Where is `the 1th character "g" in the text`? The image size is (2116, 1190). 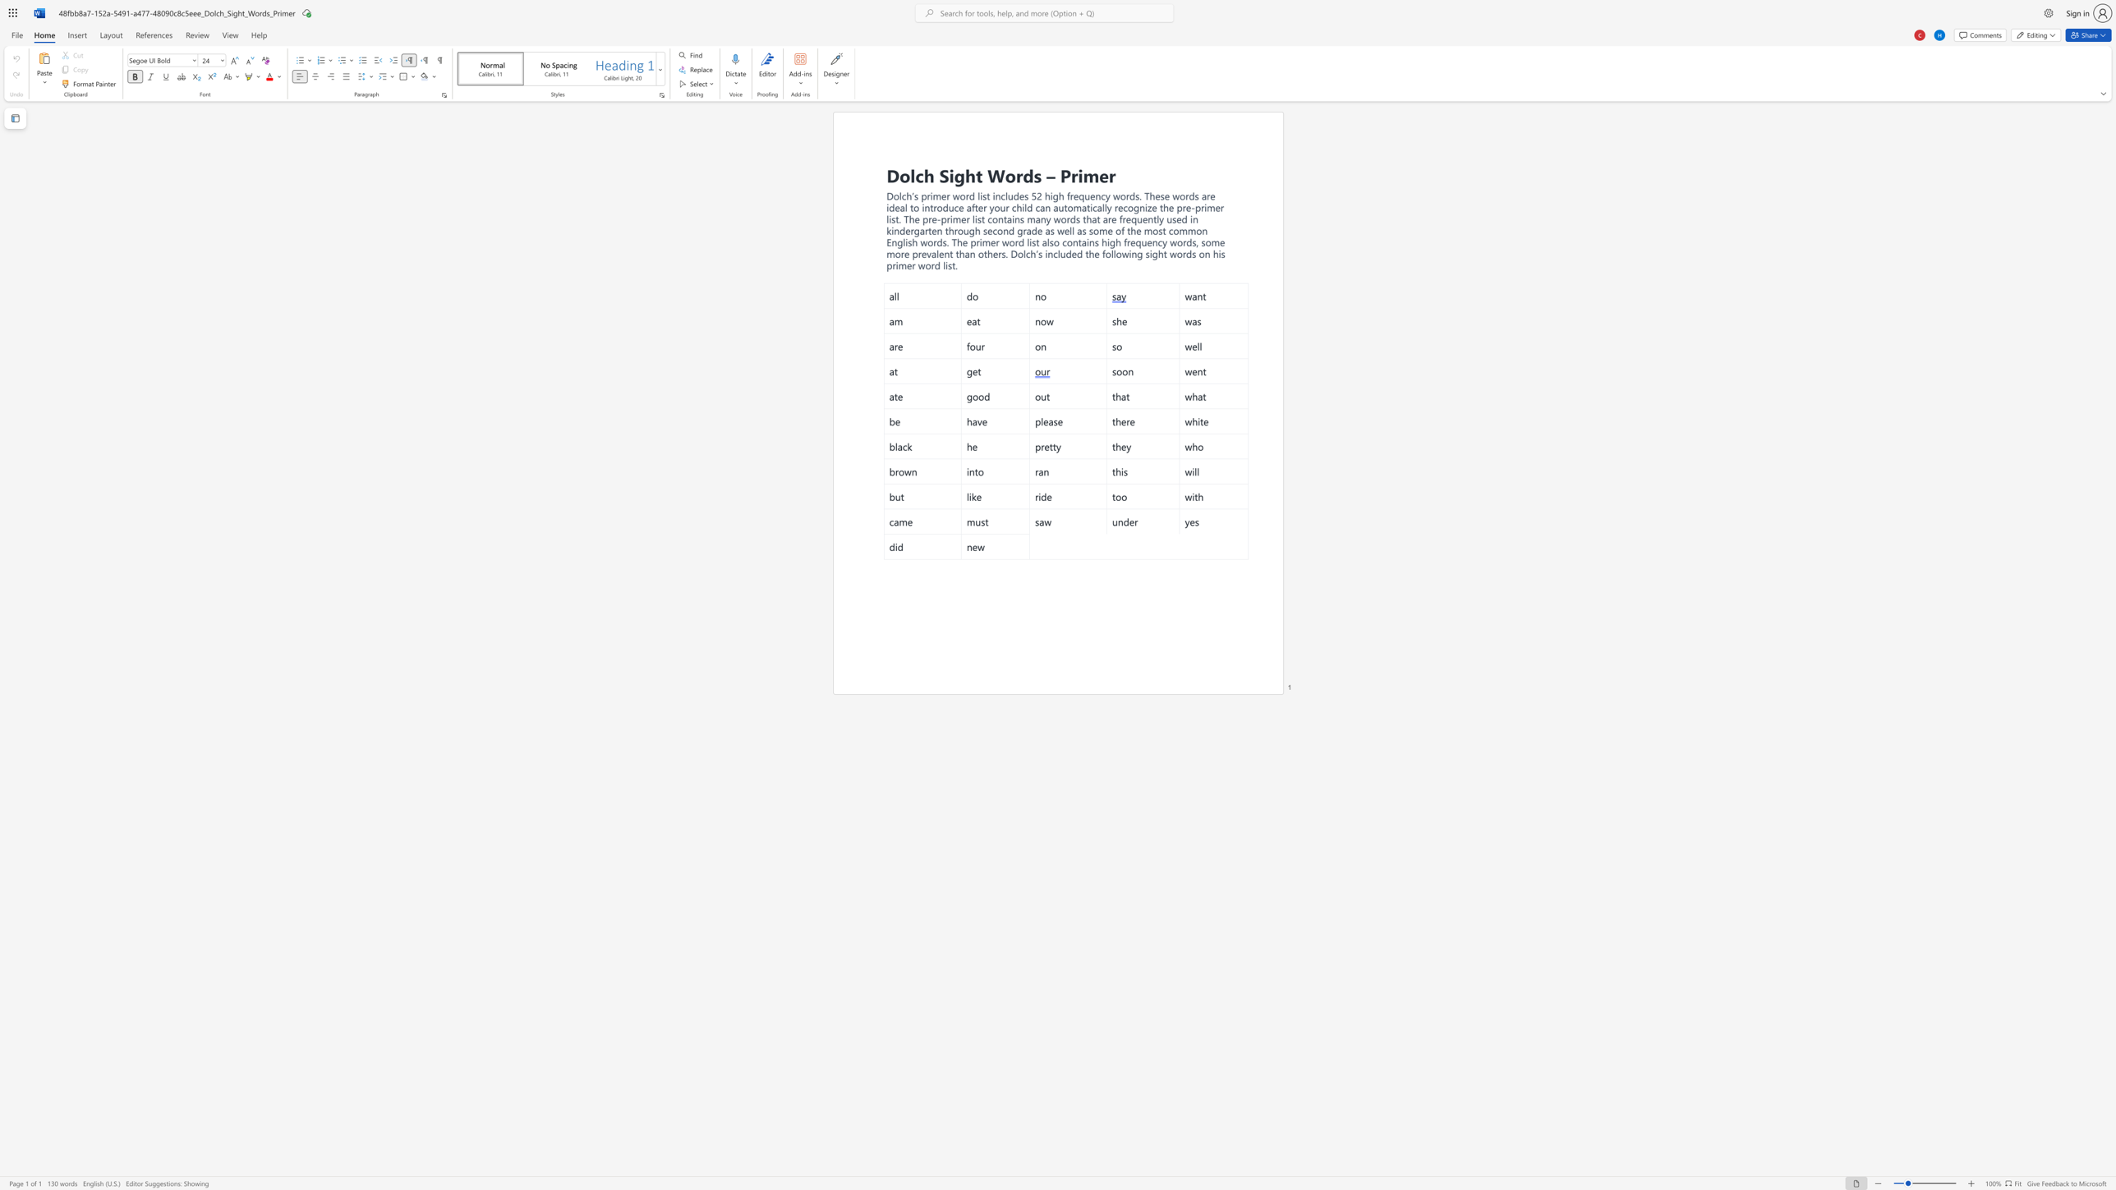
the 1th character "g" in the text is located at coordinates (959, 175).